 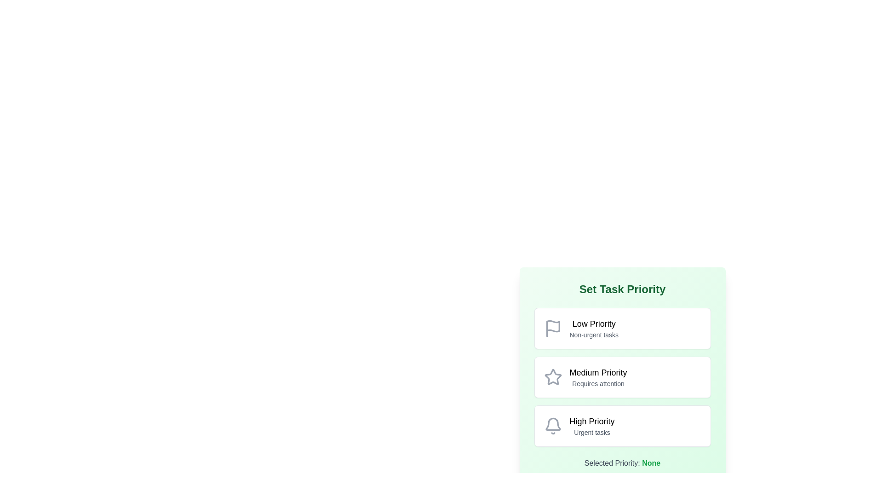 I want to click on the bell-shaped icon with a light gray color located at the top-left corner of the 'High Priority' task card, so click(x=552, y=426).